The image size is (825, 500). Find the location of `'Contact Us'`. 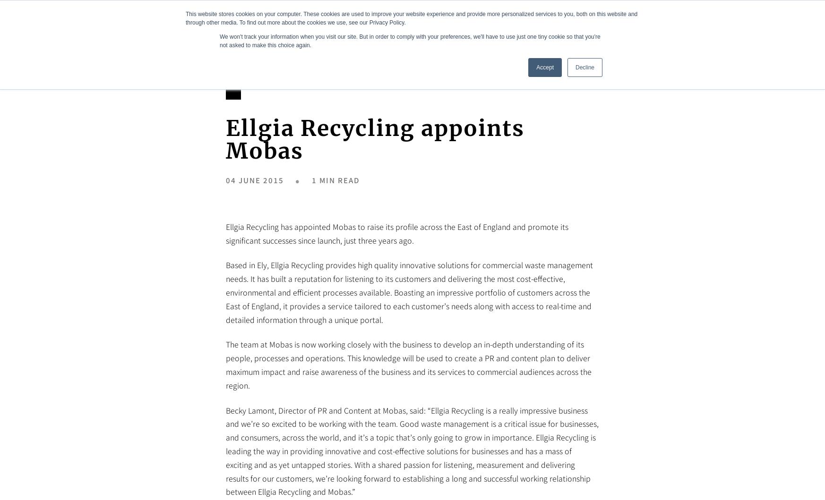

'Contact Us' is located at coordinates (720, 26).